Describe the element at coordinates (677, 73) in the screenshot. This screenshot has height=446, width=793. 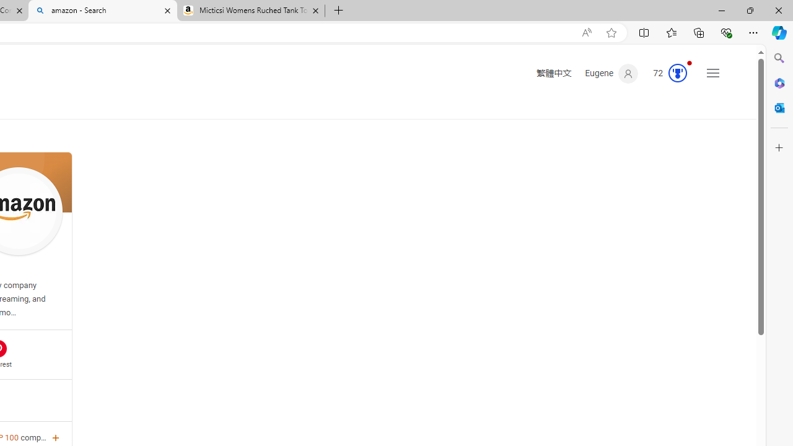
I see `'AutomationID: serp_medal_svg'` at that location.